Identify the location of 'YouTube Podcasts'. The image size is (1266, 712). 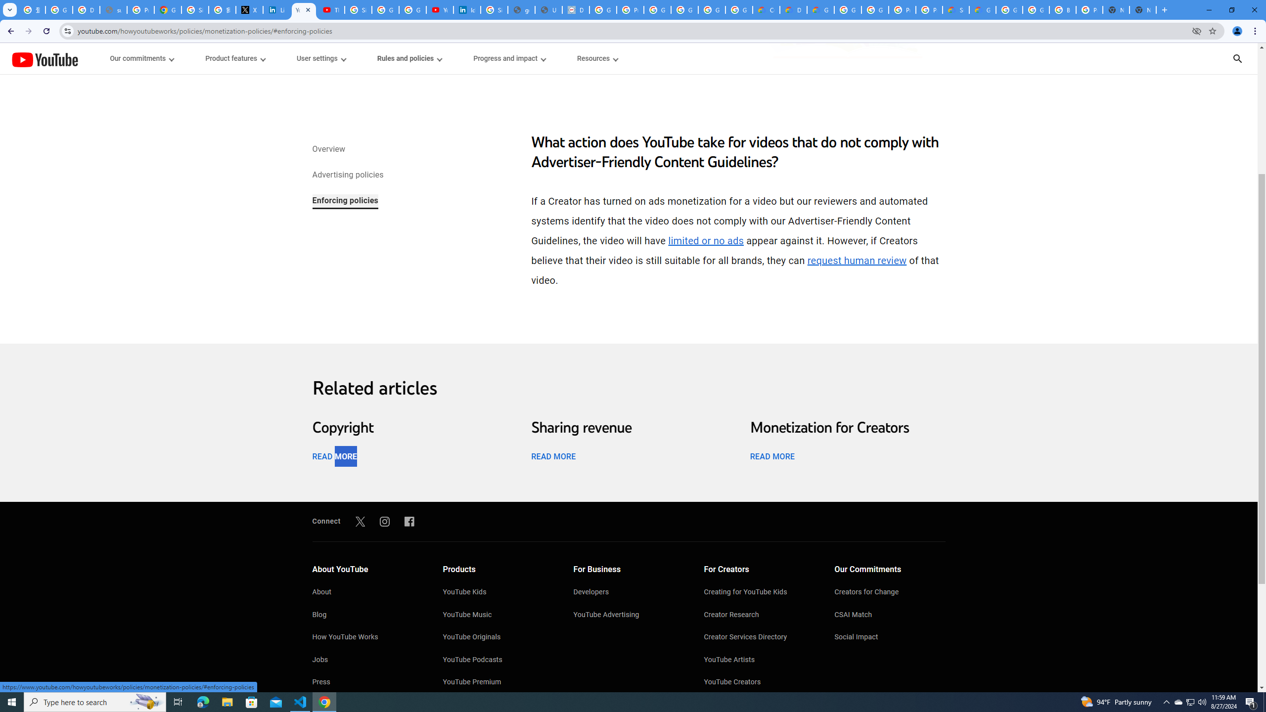
(498, 661).